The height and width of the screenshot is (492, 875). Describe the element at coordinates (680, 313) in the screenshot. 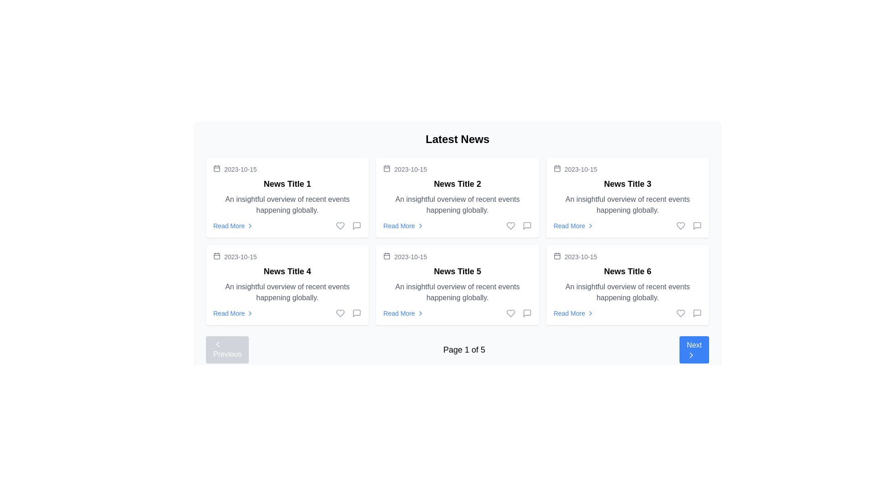

I see `the like icon located at the bottom-right corner of the news card titled 'News Title 6'` at that location.